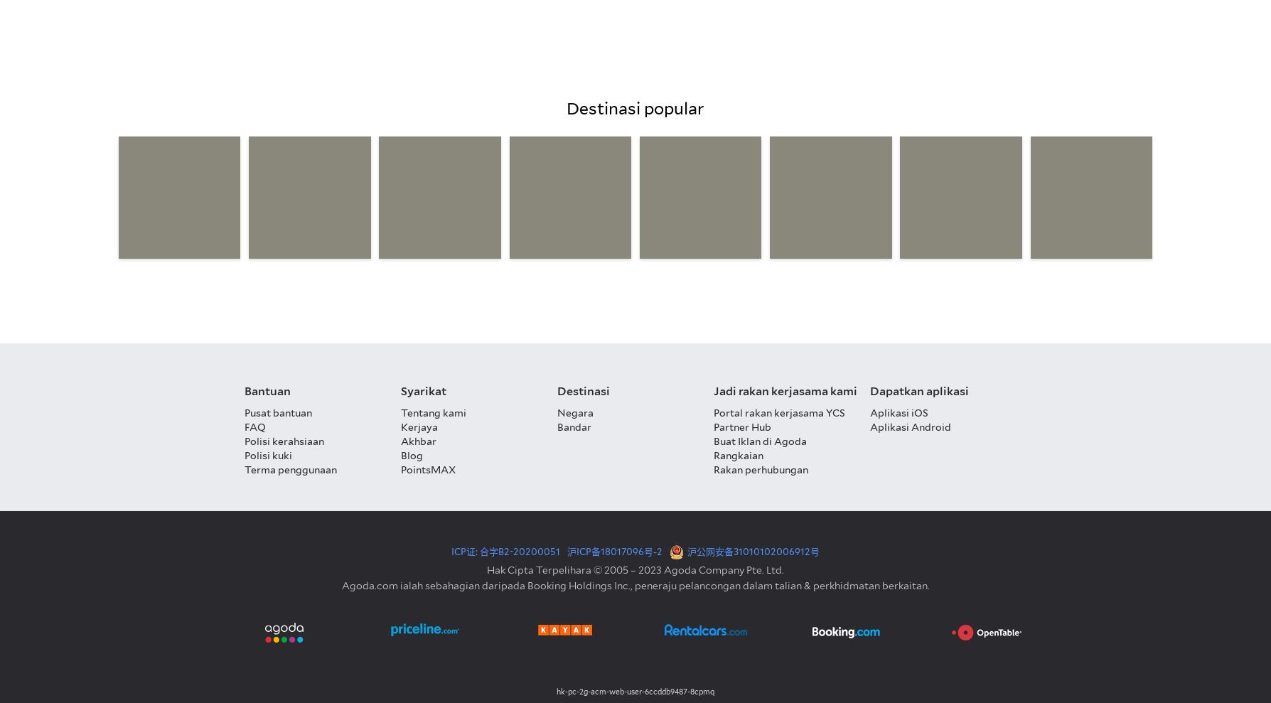  I want to click on 'Hak Cipta Terpelihara © 2005 – 2023 Agoda Company Pte. Ltd.', so click(635, 569).